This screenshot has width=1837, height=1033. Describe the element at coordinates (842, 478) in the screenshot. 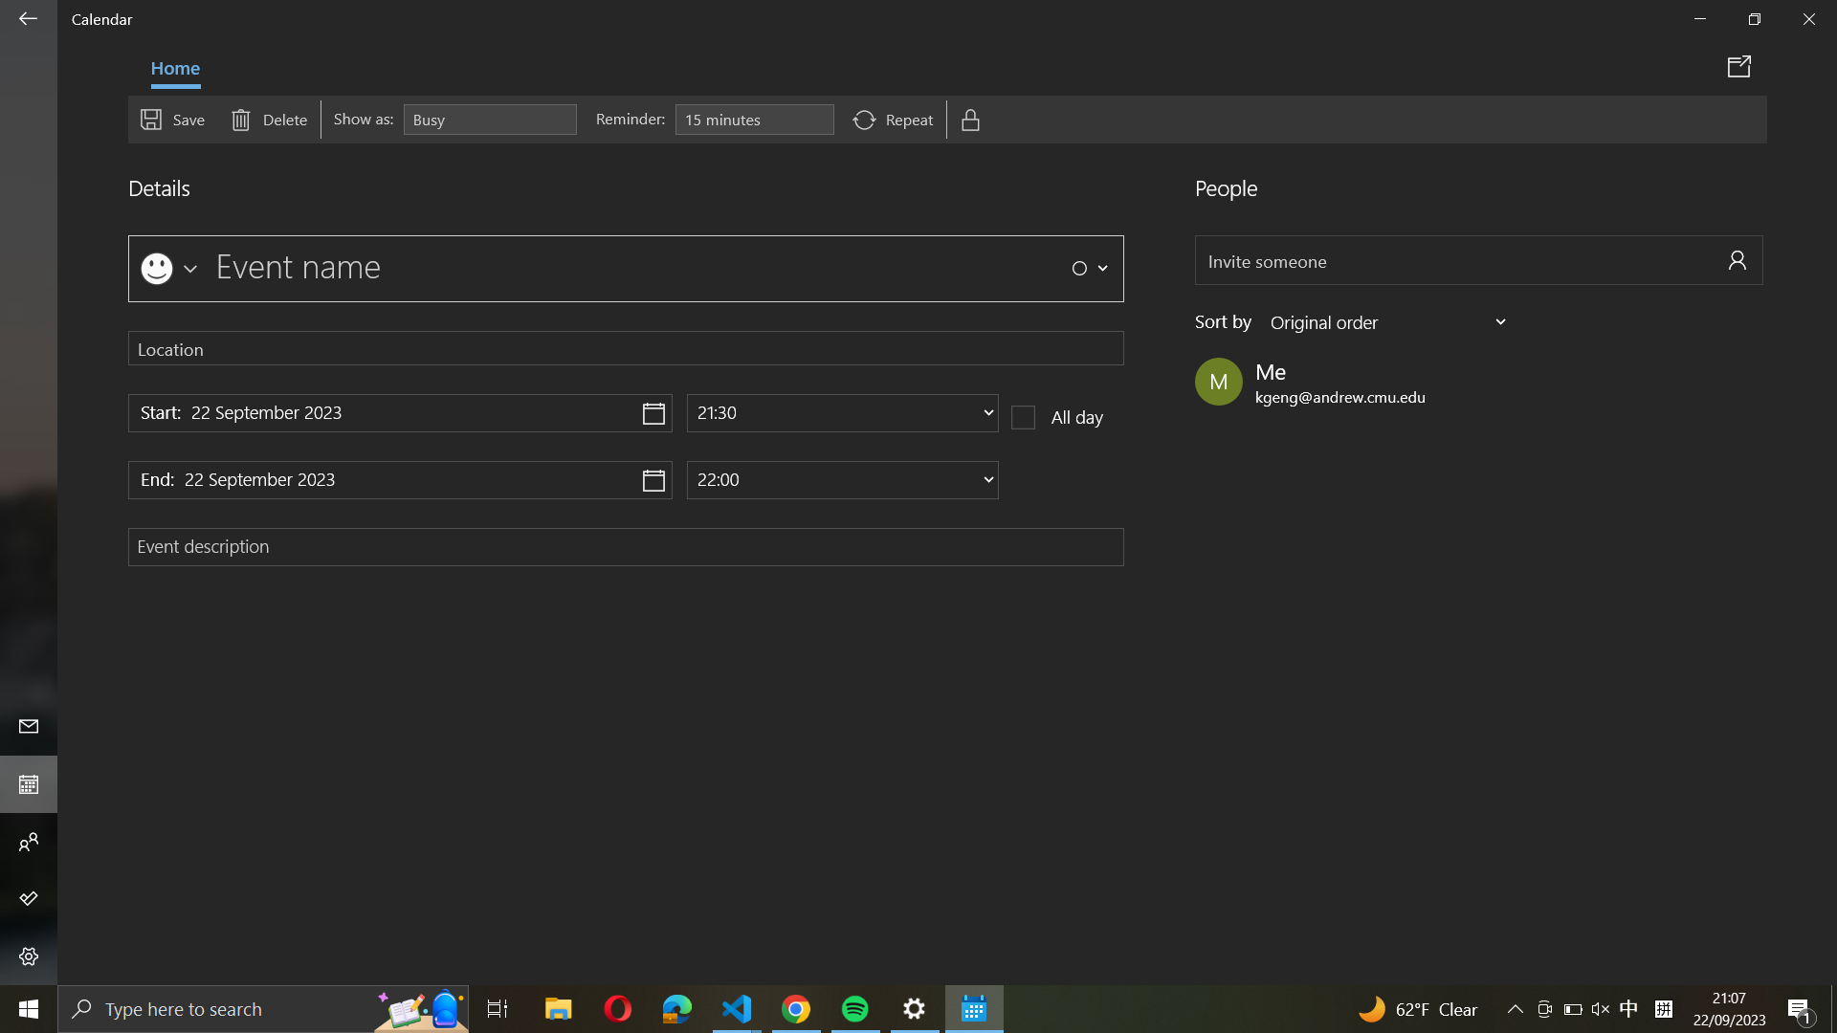

I see `event end time to 10:00 AM` at that location.